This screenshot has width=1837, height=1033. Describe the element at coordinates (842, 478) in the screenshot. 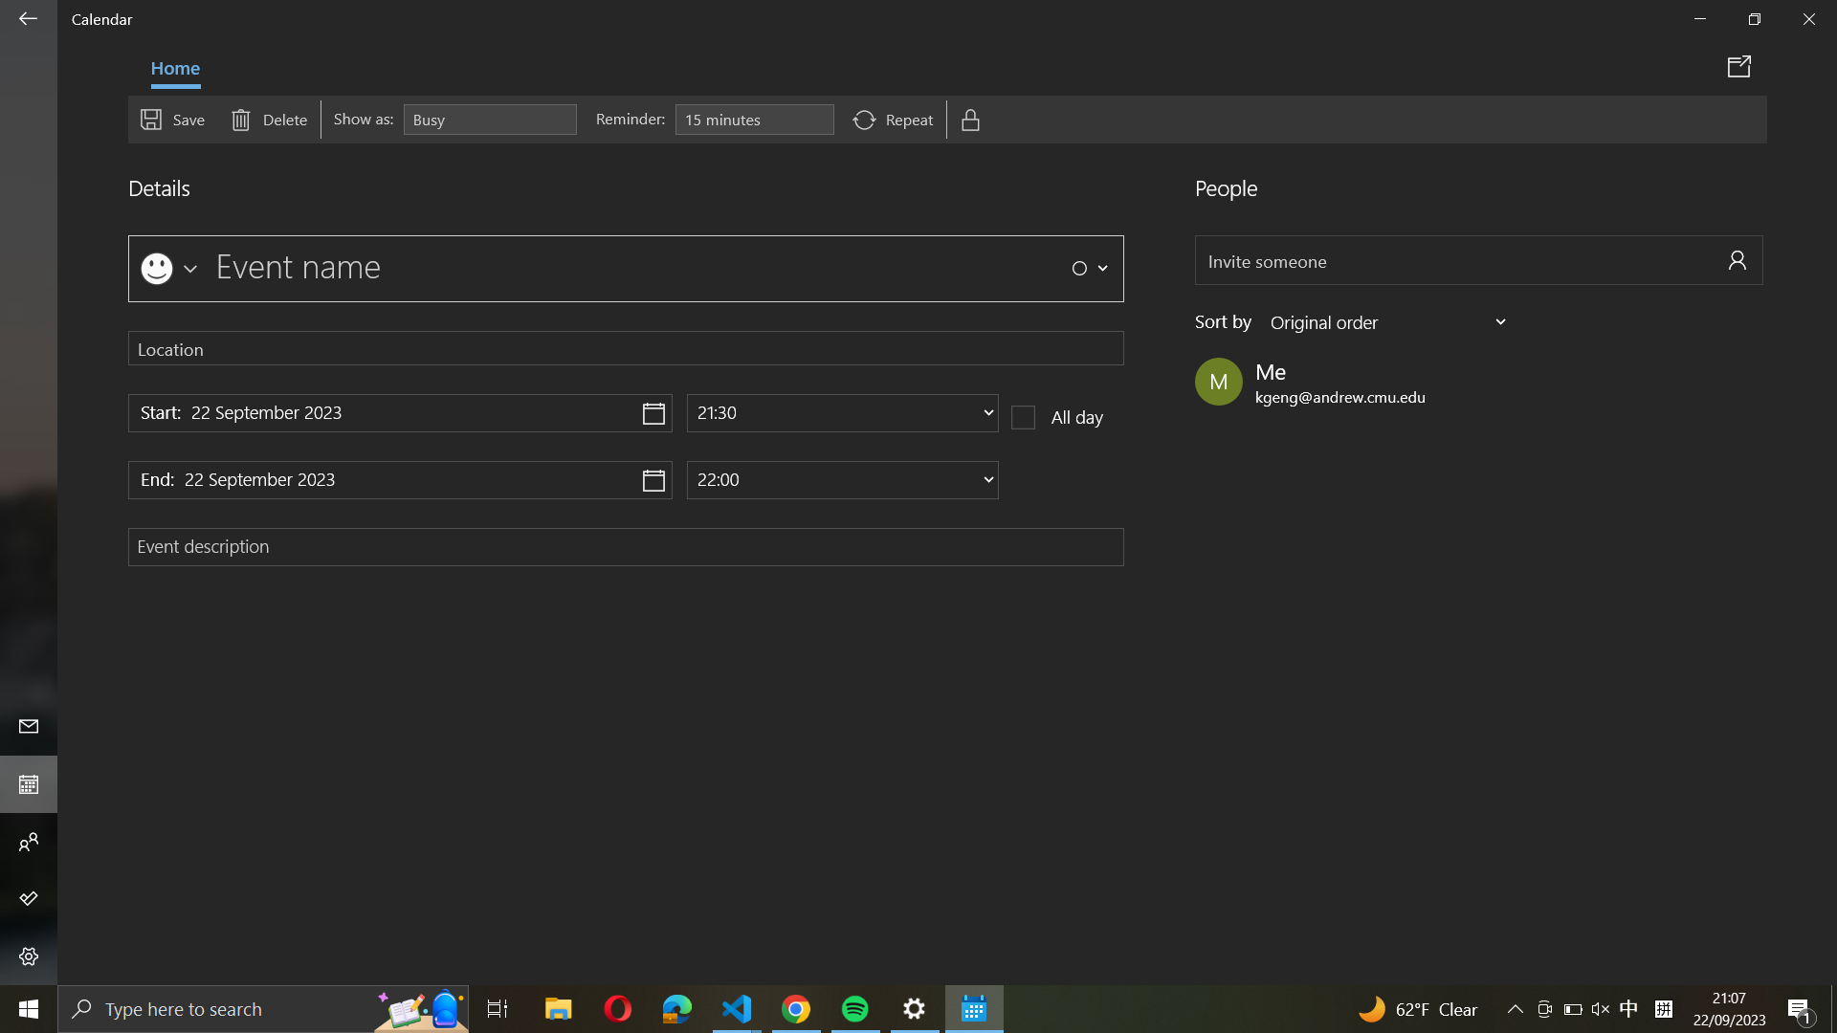

I see `event end time to 10:00 AM` at that location.